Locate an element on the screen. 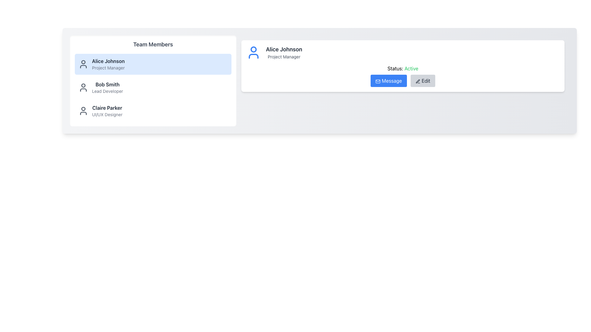 The image size is (591, 332). the small circular shape that represents the head of the user figure icon, located near the top left corner of the icon adjacent to the text 'Alice Johnson' is located at coordinates (83, 62).